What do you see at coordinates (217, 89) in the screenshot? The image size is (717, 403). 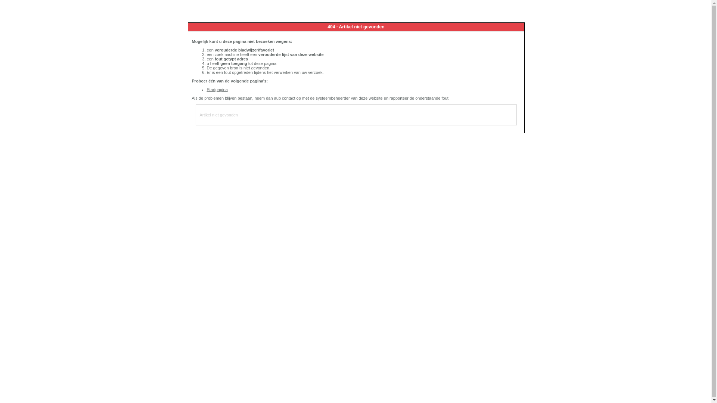 I see `'Startpagina'` at bounding box center [217, 89].